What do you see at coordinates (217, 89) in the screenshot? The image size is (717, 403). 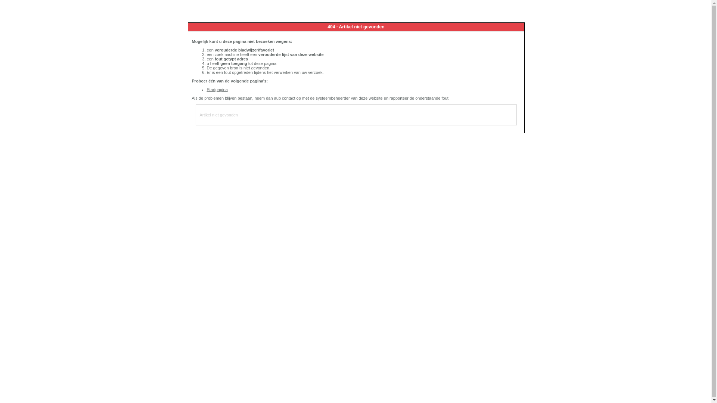 I see `'Startpagina'` at bounding box center [217, 89].